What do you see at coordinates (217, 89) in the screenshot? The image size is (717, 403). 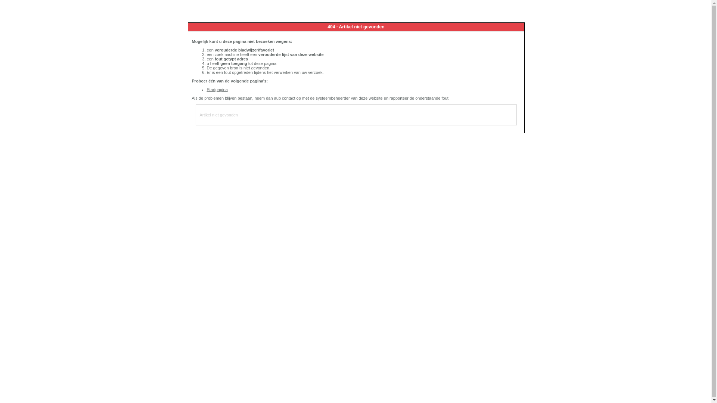 I see `'Startpagina'` at bounding box center [217, 89].